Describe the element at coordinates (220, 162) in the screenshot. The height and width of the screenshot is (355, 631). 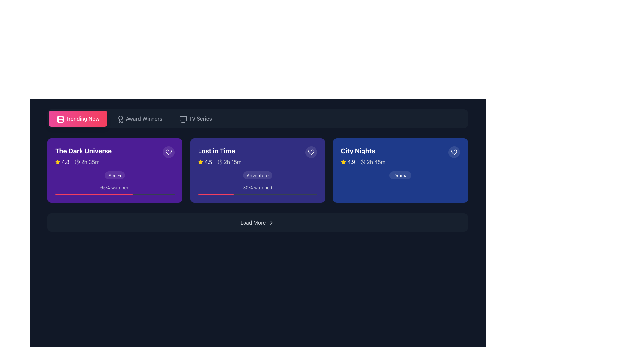
I see `the SVG Circle Component that represents time information, located in the 'Lost in Time' tab` at that location.